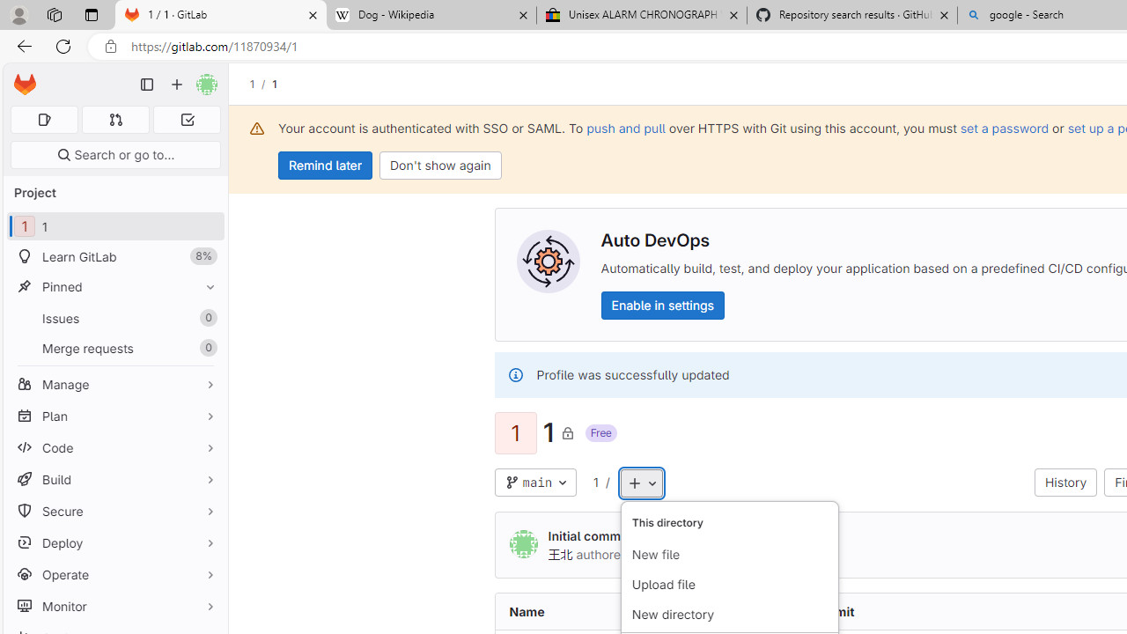 The height and width of the screenshot is (634, 1127). Describe the element at coordinates (114, 511) in the screenshot. I see `'Secure'` at that location.